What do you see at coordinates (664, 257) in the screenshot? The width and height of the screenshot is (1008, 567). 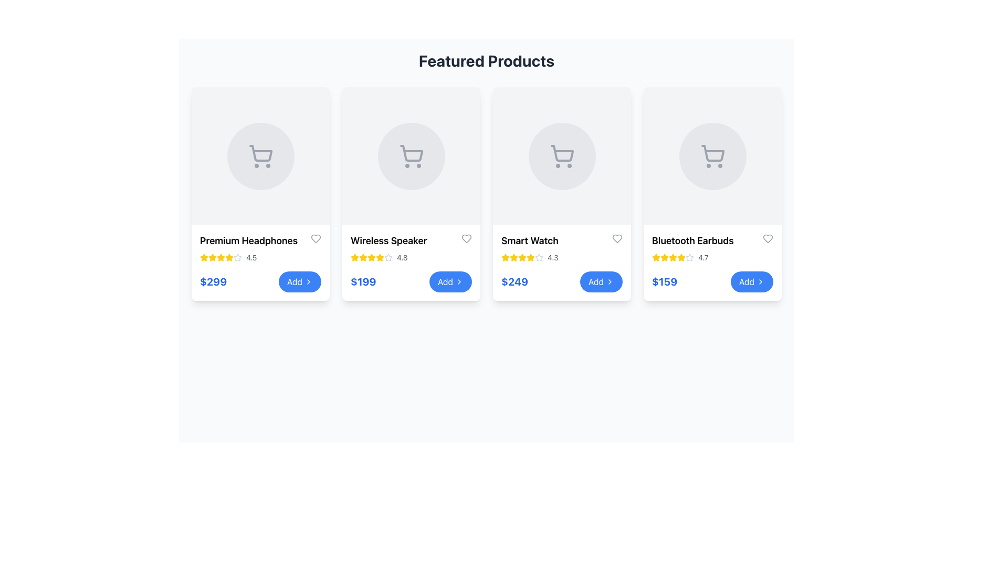 I see `the visual representation of the third yellow star in the rating system beside the text '4.7' for the Bluetooth Earbuds product card` at bounding box center [664, 257].